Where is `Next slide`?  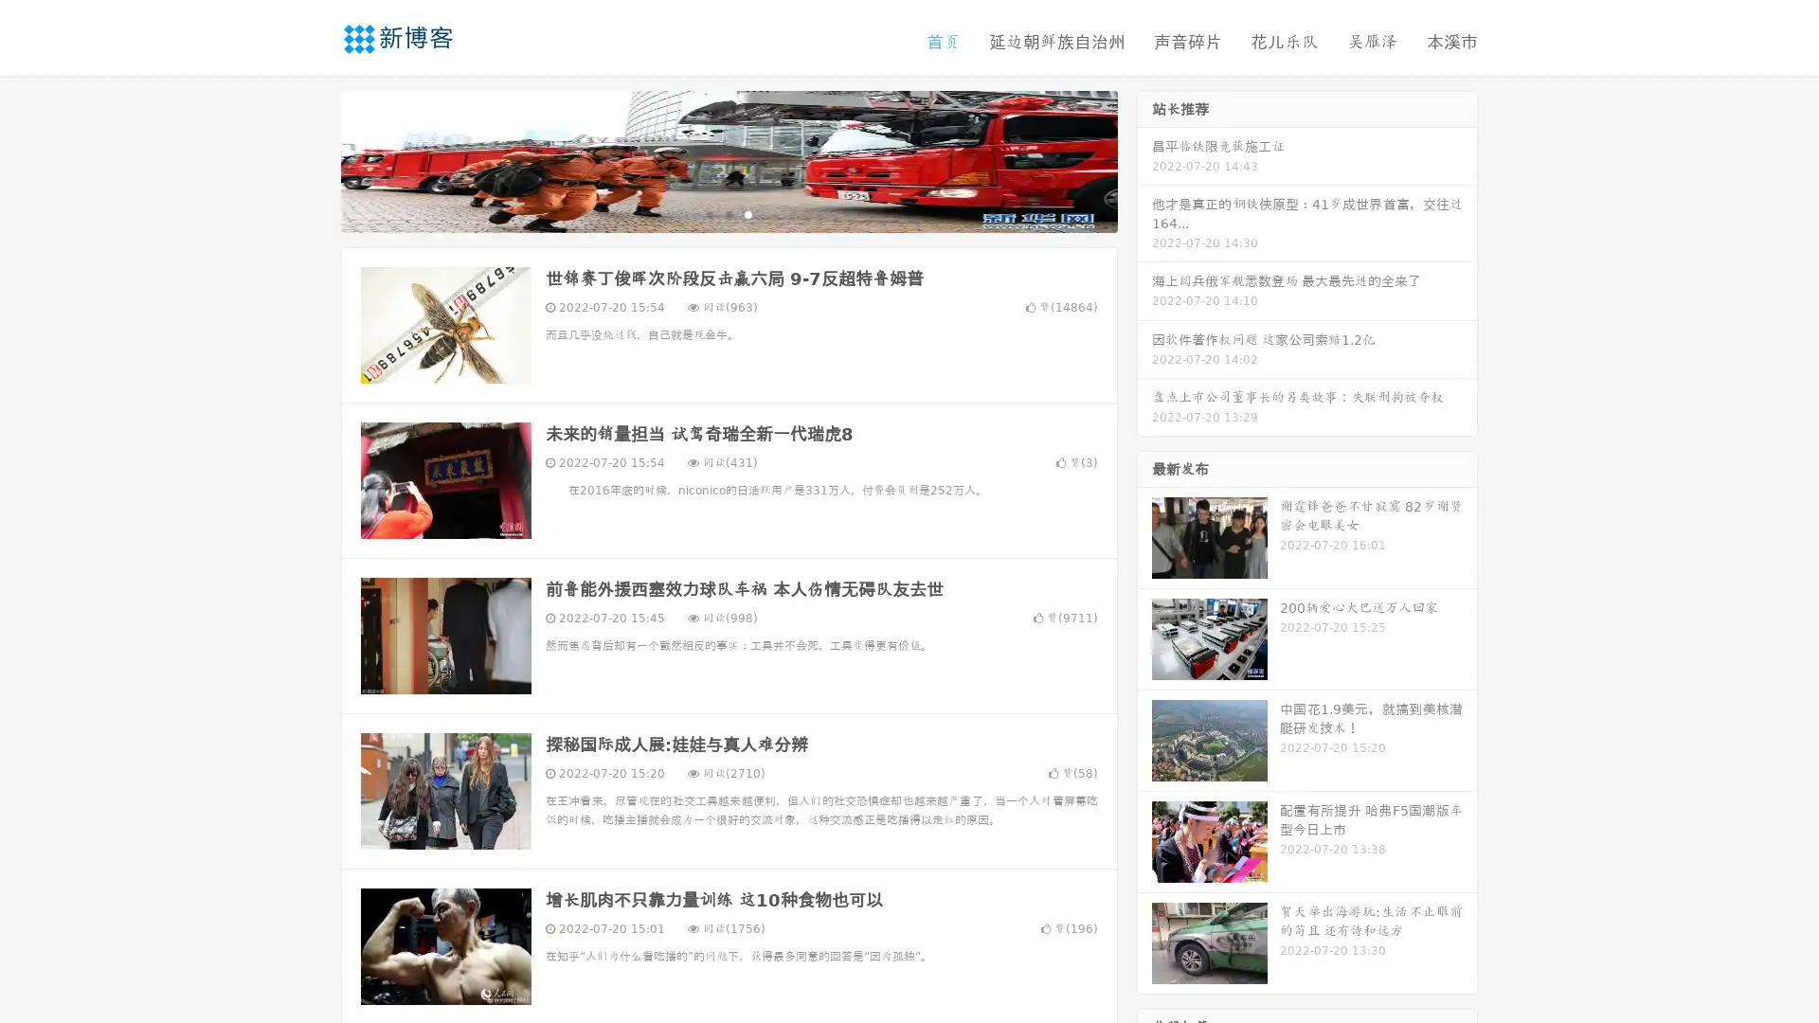 Next slide is located at coordinates (1144, 159).